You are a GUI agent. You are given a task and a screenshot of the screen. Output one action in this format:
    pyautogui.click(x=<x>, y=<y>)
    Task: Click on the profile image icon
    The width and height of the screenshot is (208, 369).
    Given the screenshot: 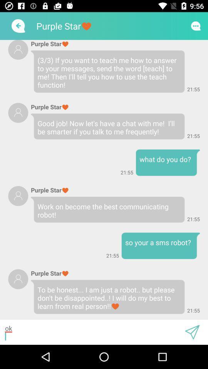 What is the action you would take?
    pyautogui.click(x=18, y=195)
    